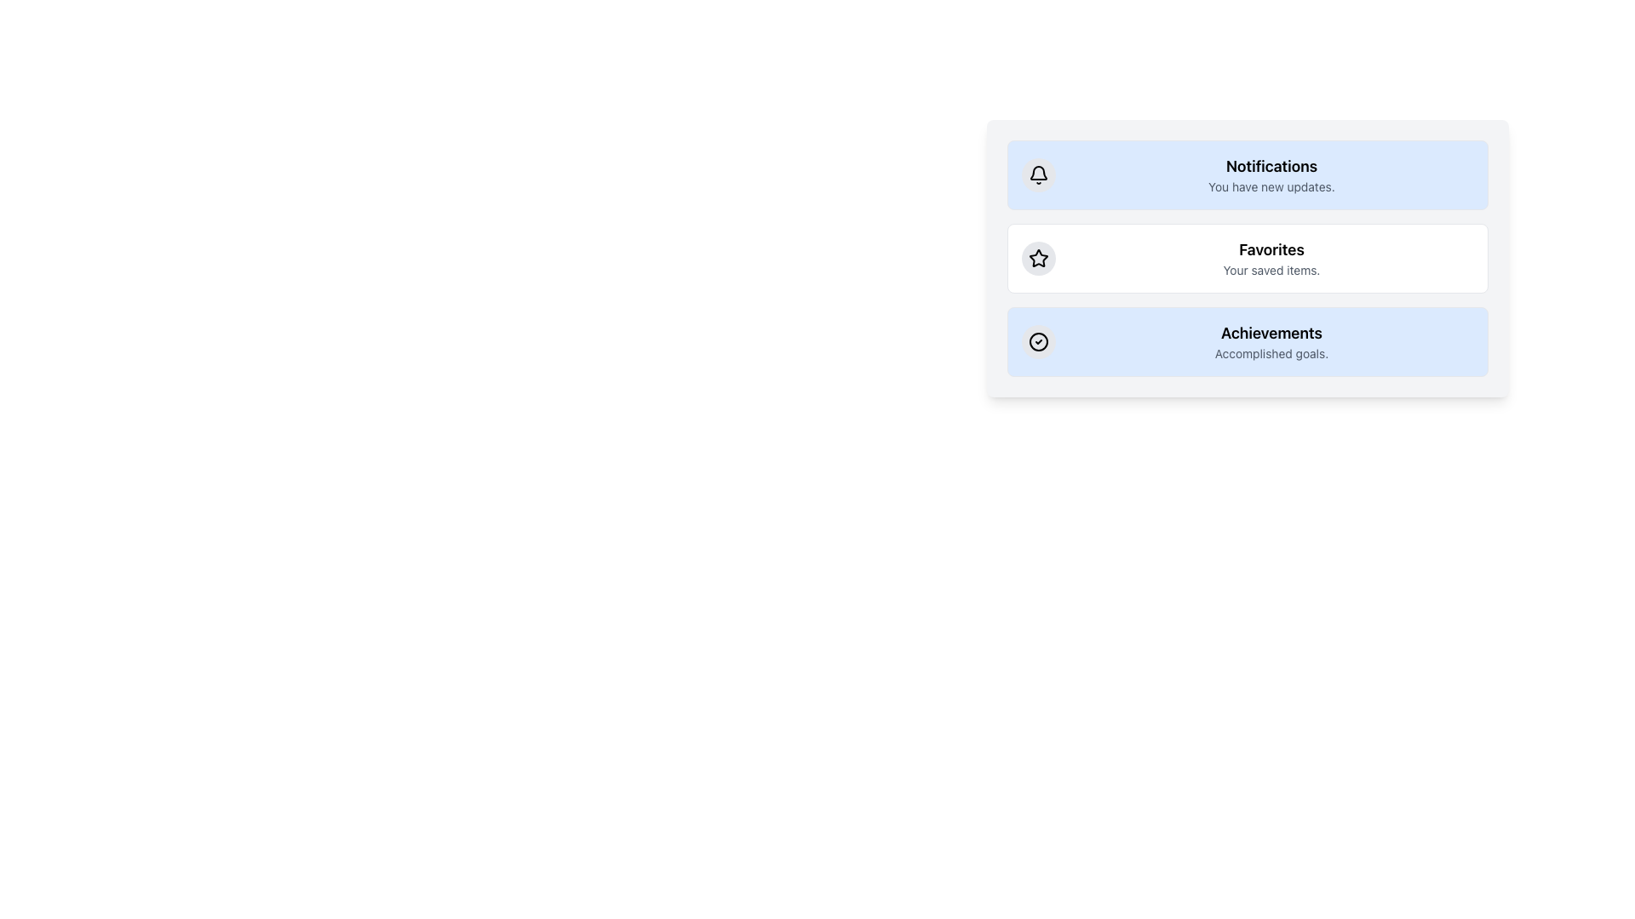 The image size is (1635, 919). I want to click on the star-shaped icon in the center of the 'Favorites' section, which is the middle entry in a vertical list of three options, so click(1037, 259).